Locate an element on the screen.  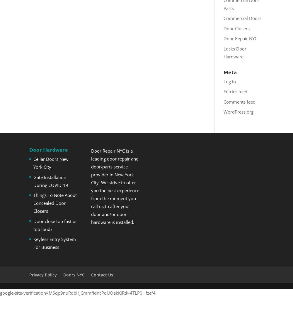
'Privacy Policy' is located at coordinates (43, 274).